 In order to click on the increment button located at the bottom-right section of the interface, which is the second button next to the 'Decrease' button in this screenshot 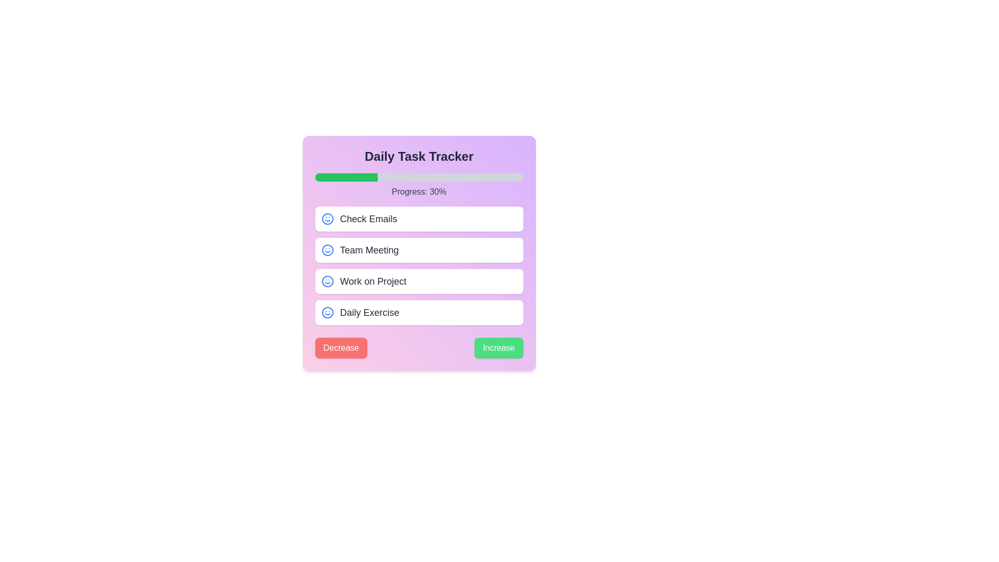, I will do `click(498, 348)`.